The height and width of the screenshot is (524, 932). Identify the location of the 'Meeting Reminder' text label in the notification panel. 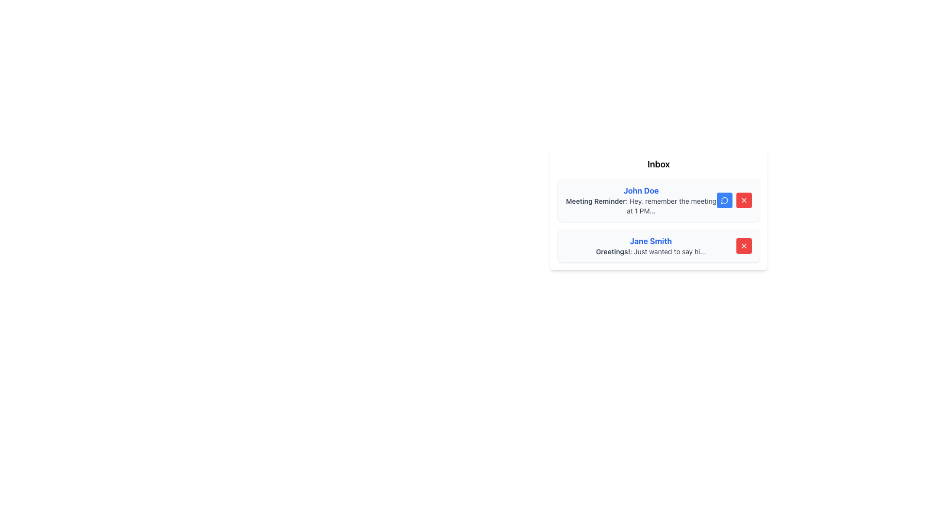
(595, 200).